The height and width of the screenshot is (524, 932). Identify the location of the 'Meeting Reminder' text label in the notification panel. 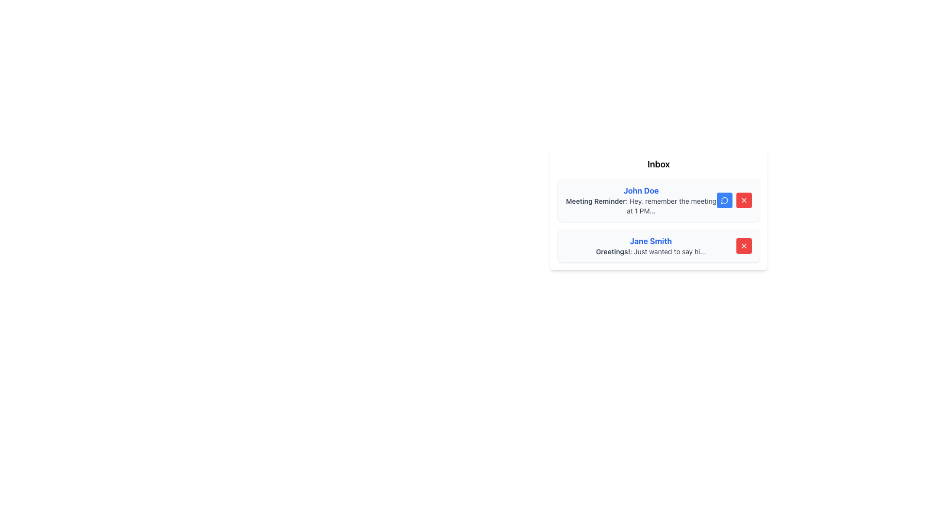
(595, 200).